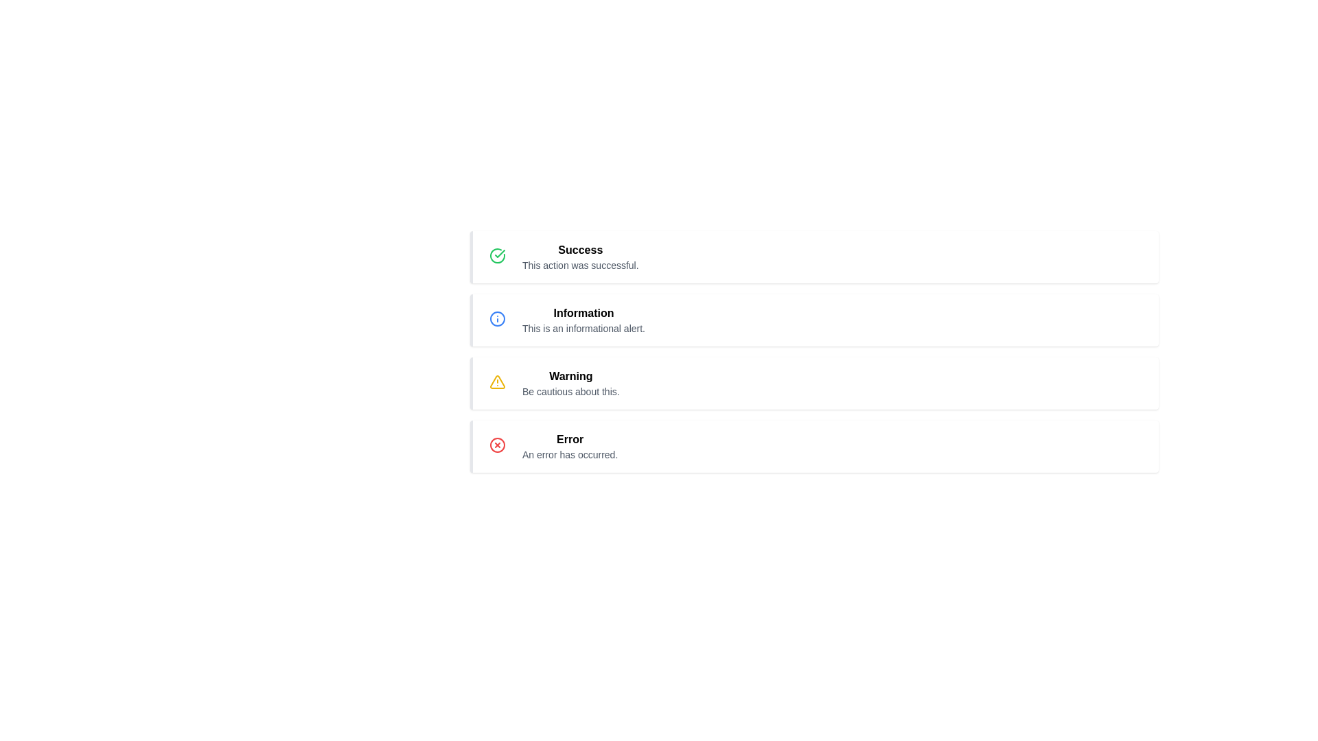 The width and height of the screenshot is (1318, 741). Describe the element at coordinates (496, 256) in the screenshot. I see `the circular green outlined icon with a checkmark inside, located on the left side of the 'Success' alert notification box` at that location.